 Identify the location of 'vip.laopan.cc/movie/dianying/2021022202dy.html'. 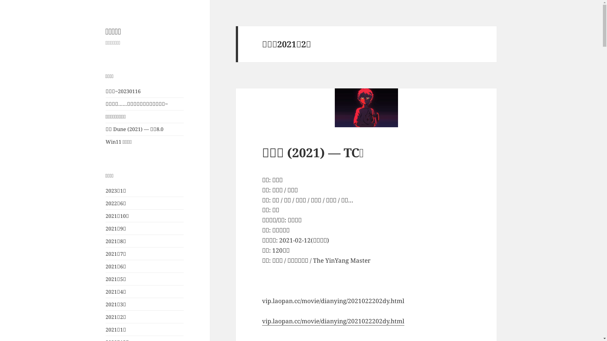
(333, 321).